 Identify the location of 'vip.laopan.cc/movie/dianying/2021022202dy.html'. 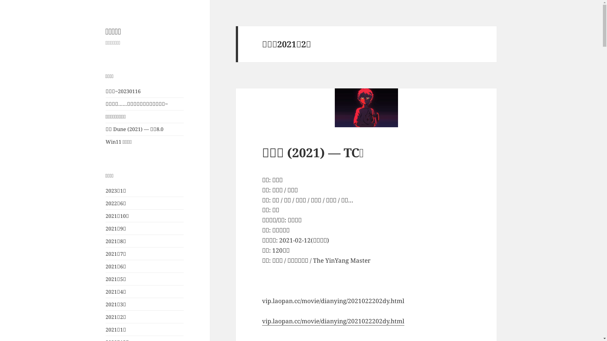
(333, 321).